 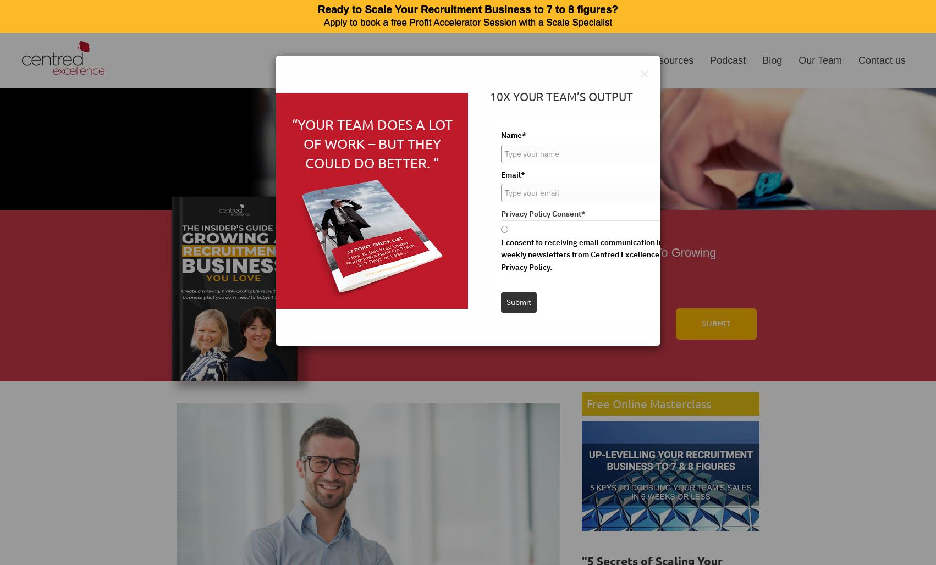 What do you see at coordinates (330, 301) in the screenshot?
I see `'Full Name'` at bounding box center [330, 301].